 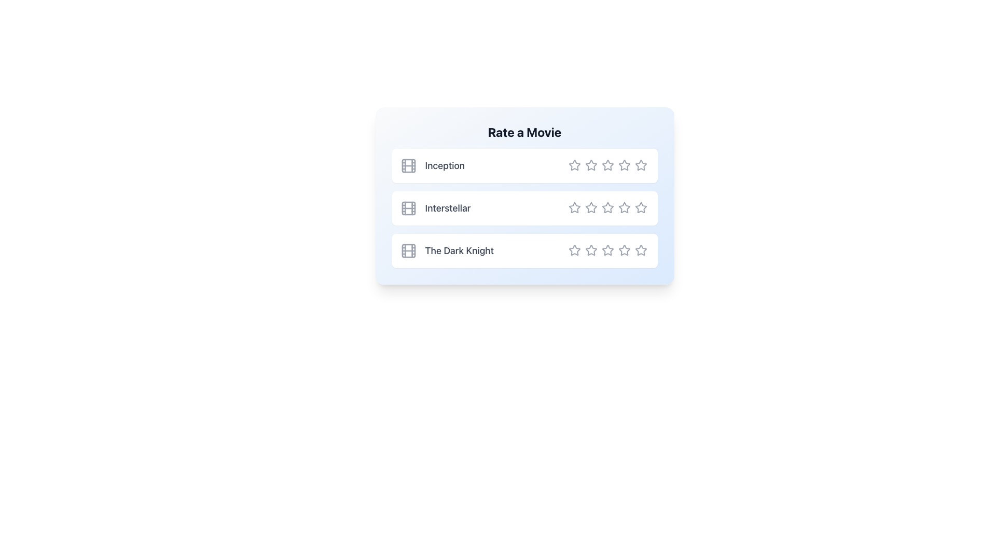 I want to click on the third star-shaped rating icon in the five-star rating system for 'The Dark Knight' to rate the movie, so click(x=607, y=250).